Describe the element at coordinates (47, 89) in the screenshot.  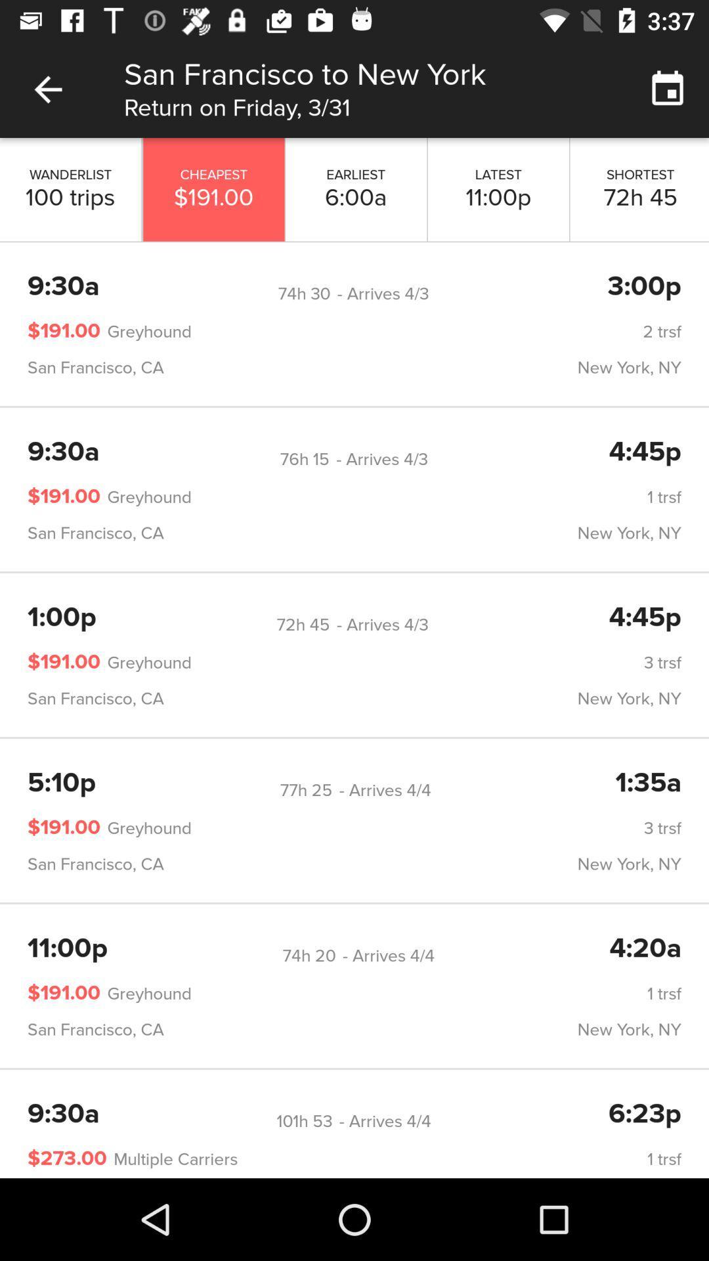
I see `back button` at that location.